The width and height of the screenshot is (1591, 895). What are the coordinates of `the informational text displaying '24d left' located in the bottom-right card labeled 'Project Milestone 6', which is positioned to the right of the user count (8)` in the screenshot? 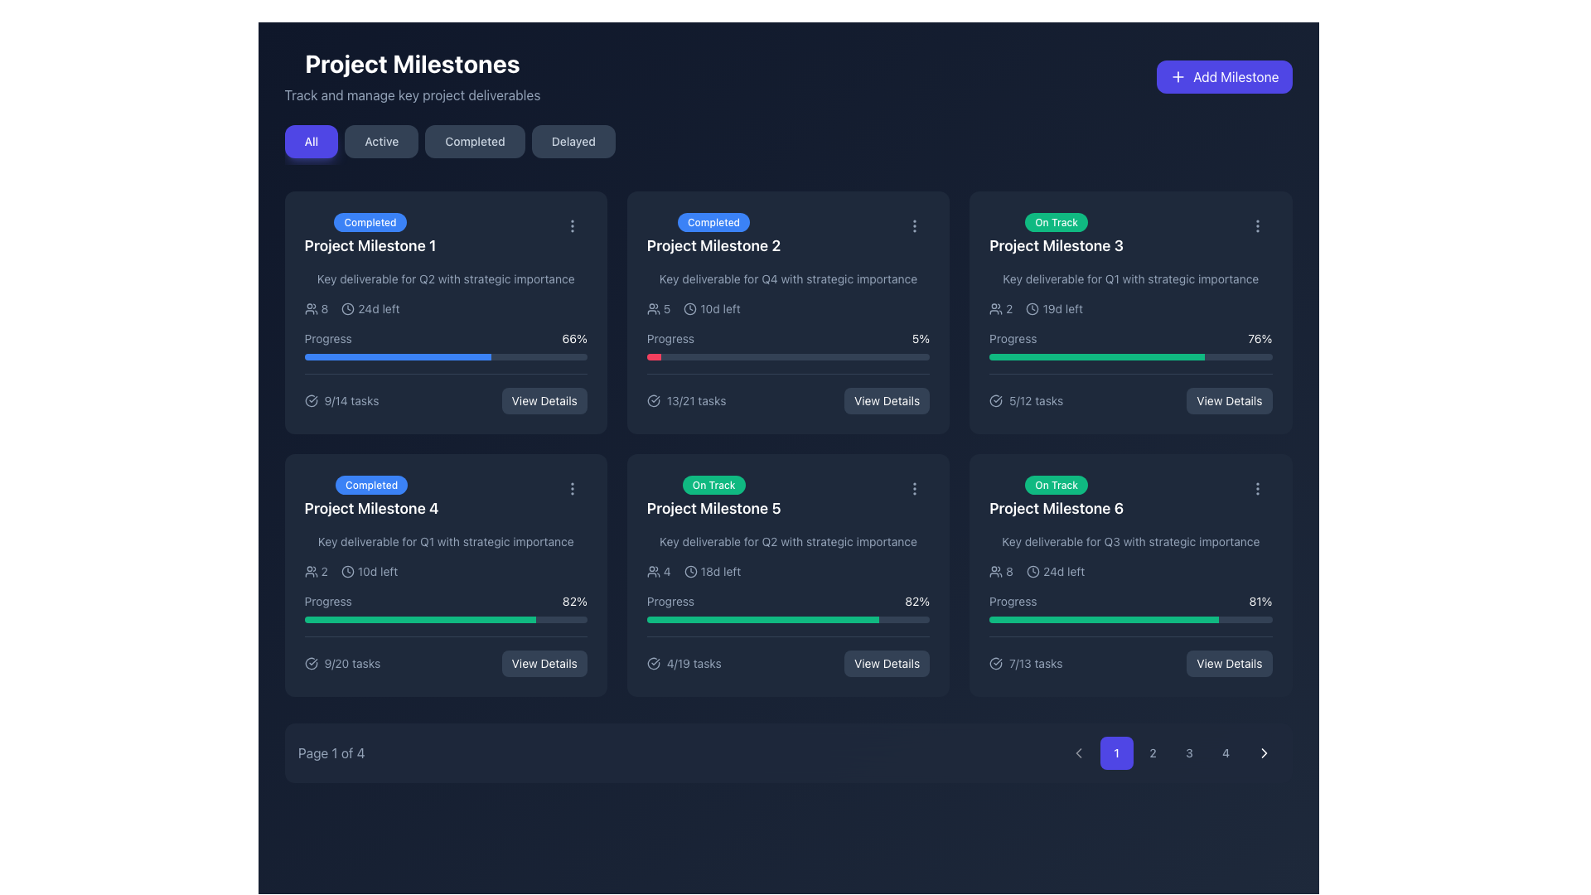 It's located at (1055, 571).